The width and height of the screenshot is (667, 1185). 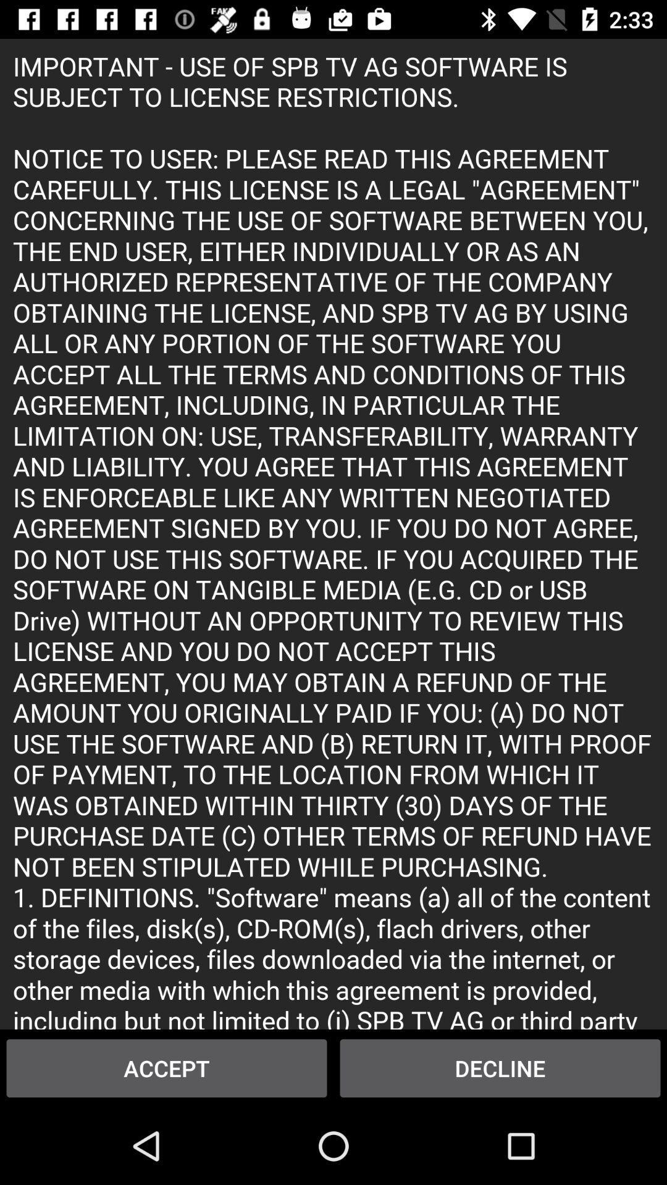 What do you see at coordinates (500, 1068) in the screenshot?
I see `the decline icon` at bounding box center [500, 1068].